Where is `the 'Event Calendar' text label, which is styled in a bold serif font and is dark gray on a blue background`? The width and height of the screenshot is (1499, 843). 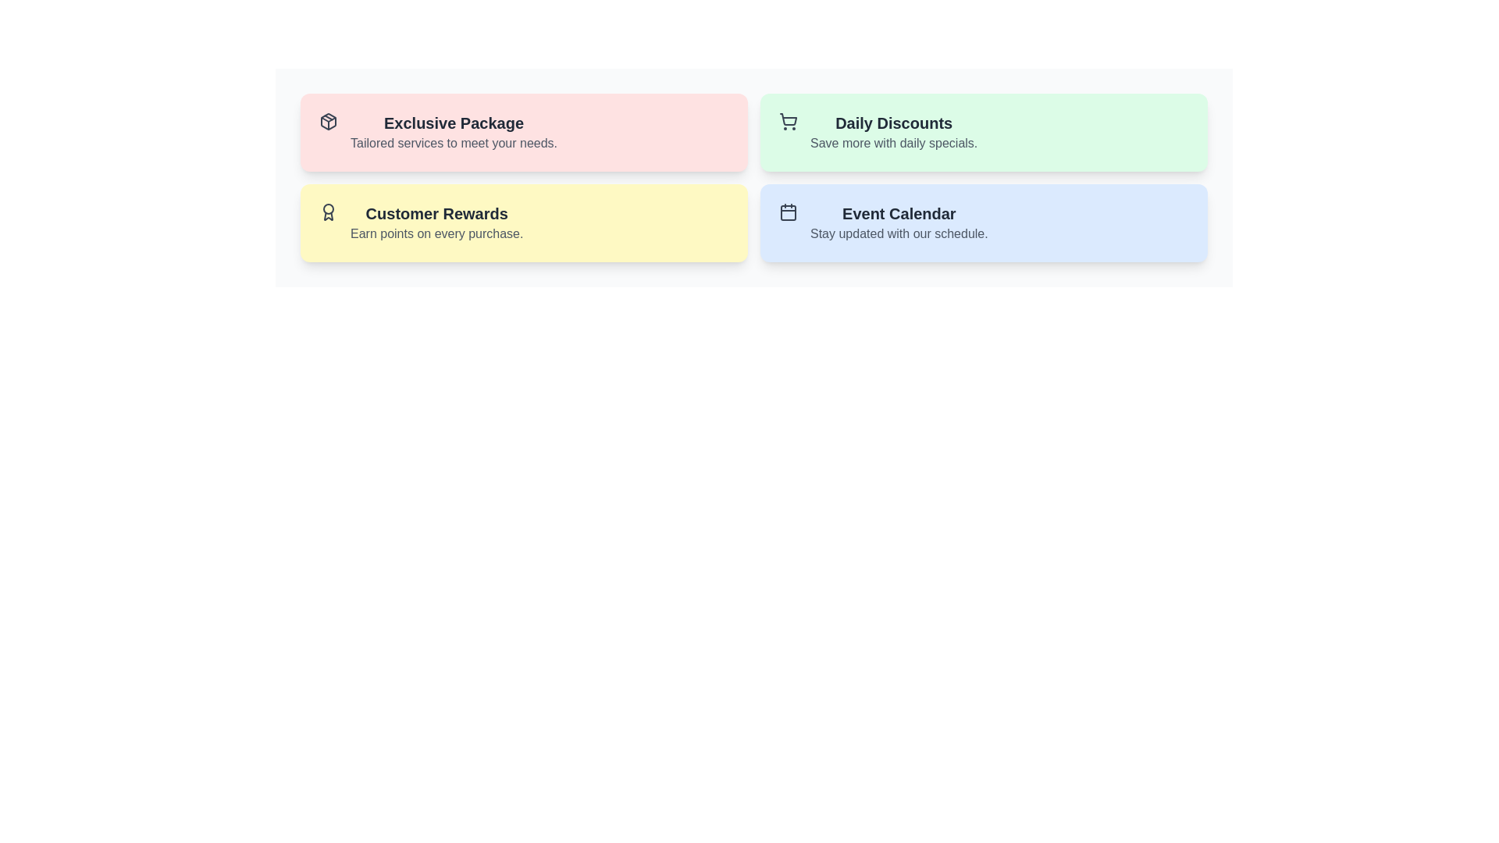 the 'Event Calendar' text label, which is styled in a bold serif font and is dark gray on a blue background is located at coordinates (899, 213).